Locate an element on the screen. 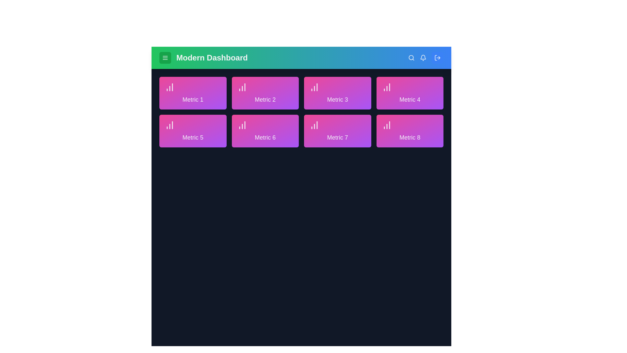 The image size is (627, 353). the logout button located at the top-right corner of the app bar is located at coordinates (437, 58).